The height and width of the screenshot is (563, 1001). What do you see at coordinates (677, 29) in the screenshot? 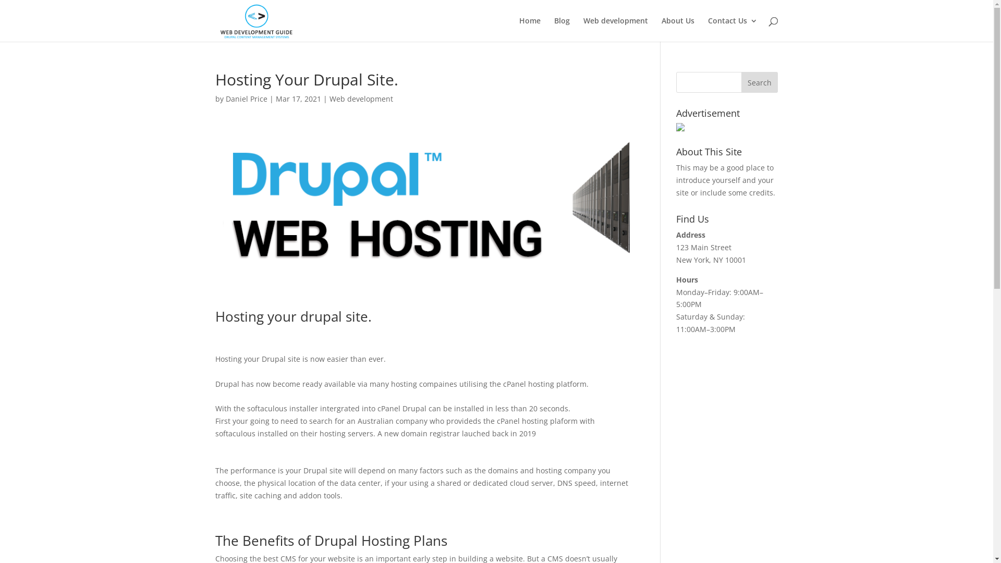
I see `'About Us'` at bounding box center [677, 29].